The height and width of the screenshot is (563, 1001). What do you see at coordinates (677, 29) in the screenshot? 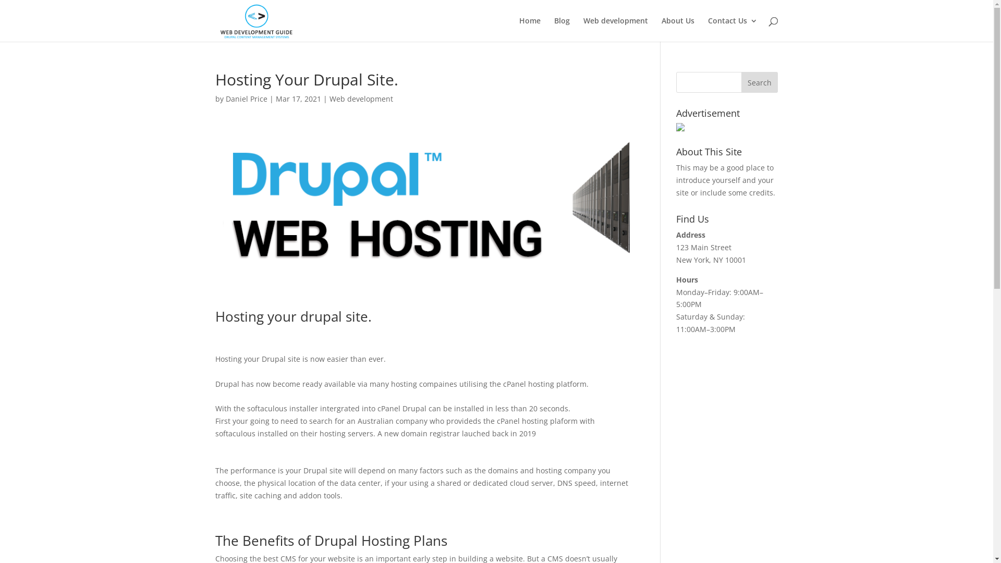
I see `'About Us'` at bounding box center [677, 29].